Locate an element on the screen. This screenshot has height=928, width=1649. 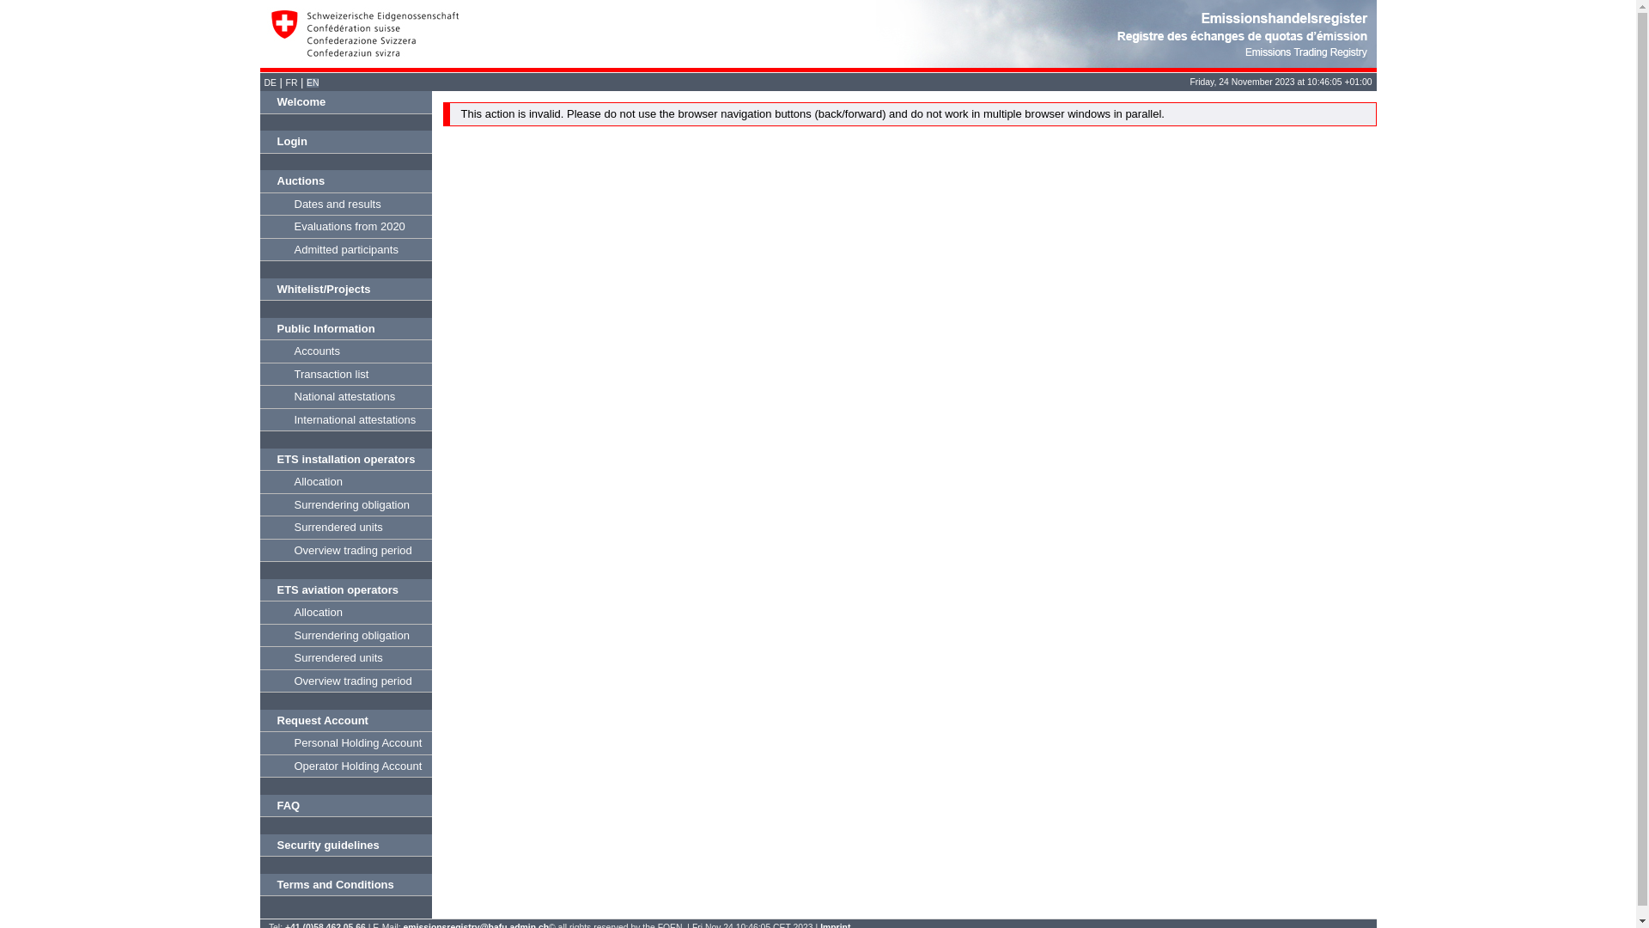
'International attestations' is located at coordinates (344, 420).